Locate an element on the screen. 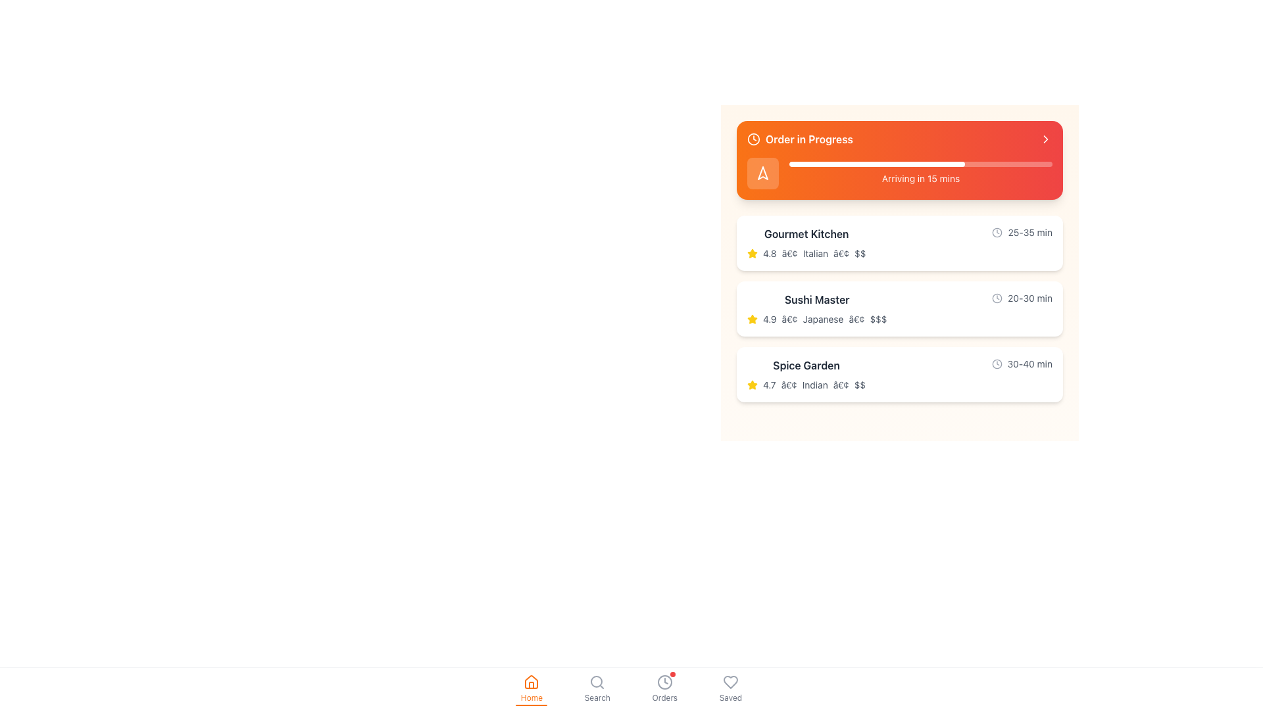 This screenshot has height=710, width=1263. the text label element displaying dollar signs ('$') located at the far right of the restaurant information group is located at coordinates (860, 253).